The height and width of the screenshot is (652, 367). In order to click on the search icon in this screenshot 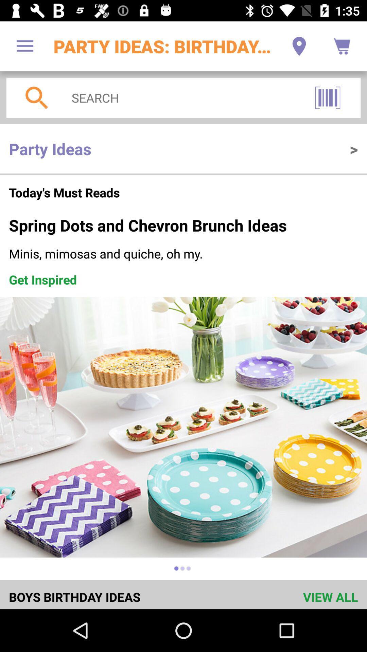, I will do `click(37, 97)`.